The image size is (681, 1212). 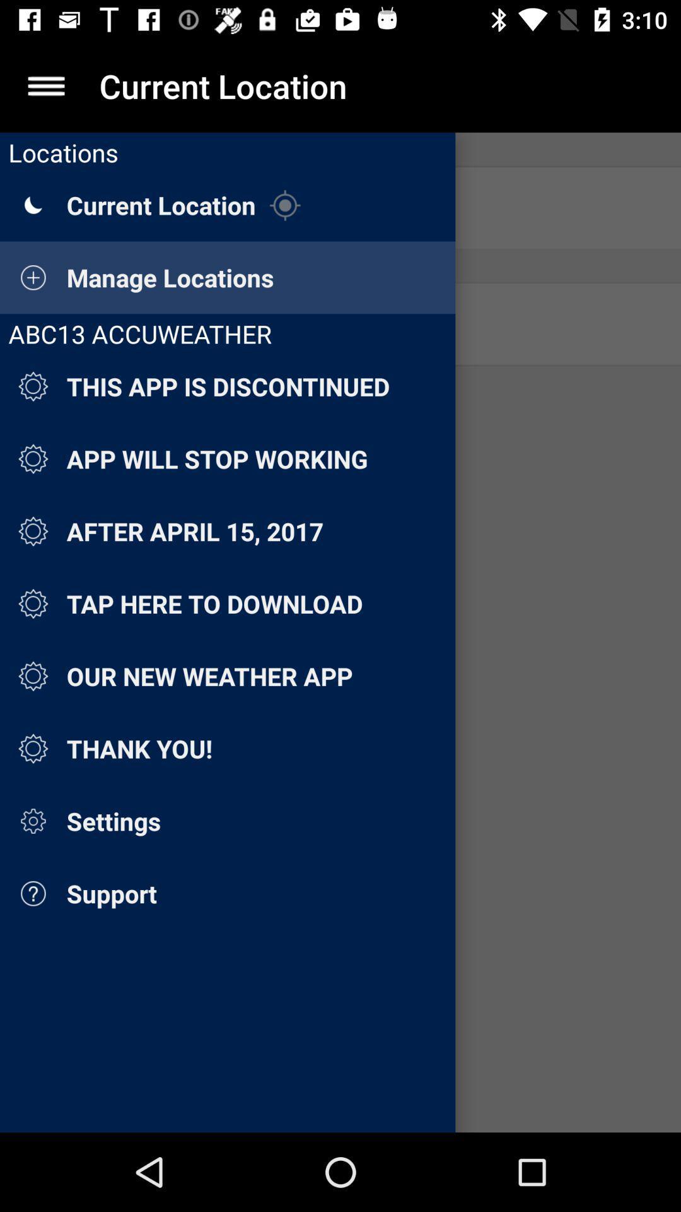 I want to click on the menu icon, so click(x=45, y=85).